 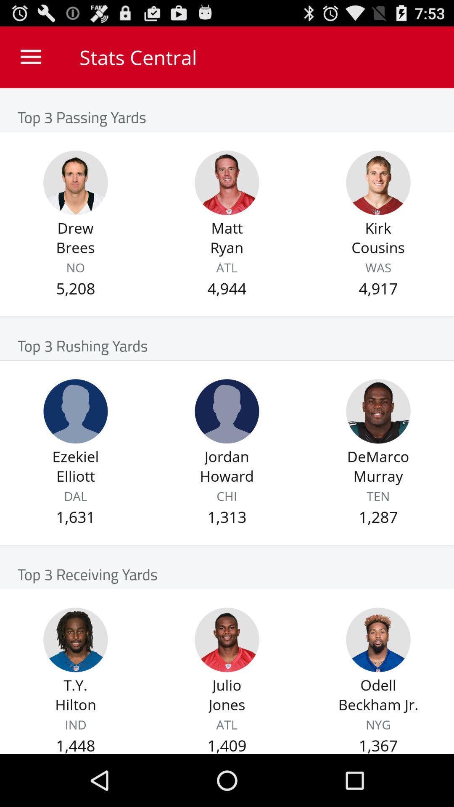 What do you see at coordinates (76, 195) in the screenshot?
I see `the avatar icon` at bounding box center [76, 195].